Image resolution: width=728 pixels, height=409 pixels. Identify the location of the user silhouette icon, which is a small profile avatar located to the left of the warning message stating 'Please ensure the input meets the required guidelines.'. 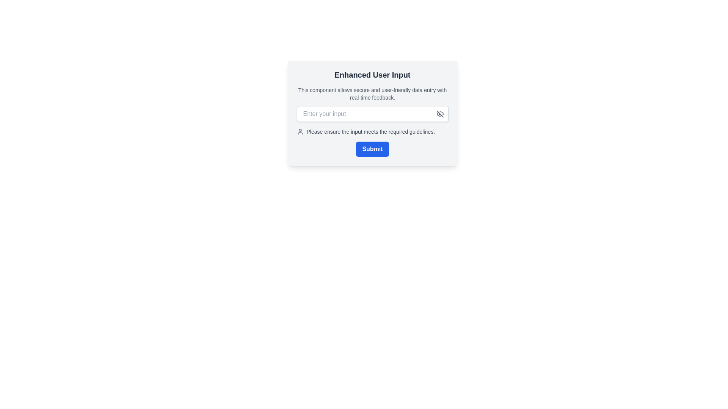
(300, 131).